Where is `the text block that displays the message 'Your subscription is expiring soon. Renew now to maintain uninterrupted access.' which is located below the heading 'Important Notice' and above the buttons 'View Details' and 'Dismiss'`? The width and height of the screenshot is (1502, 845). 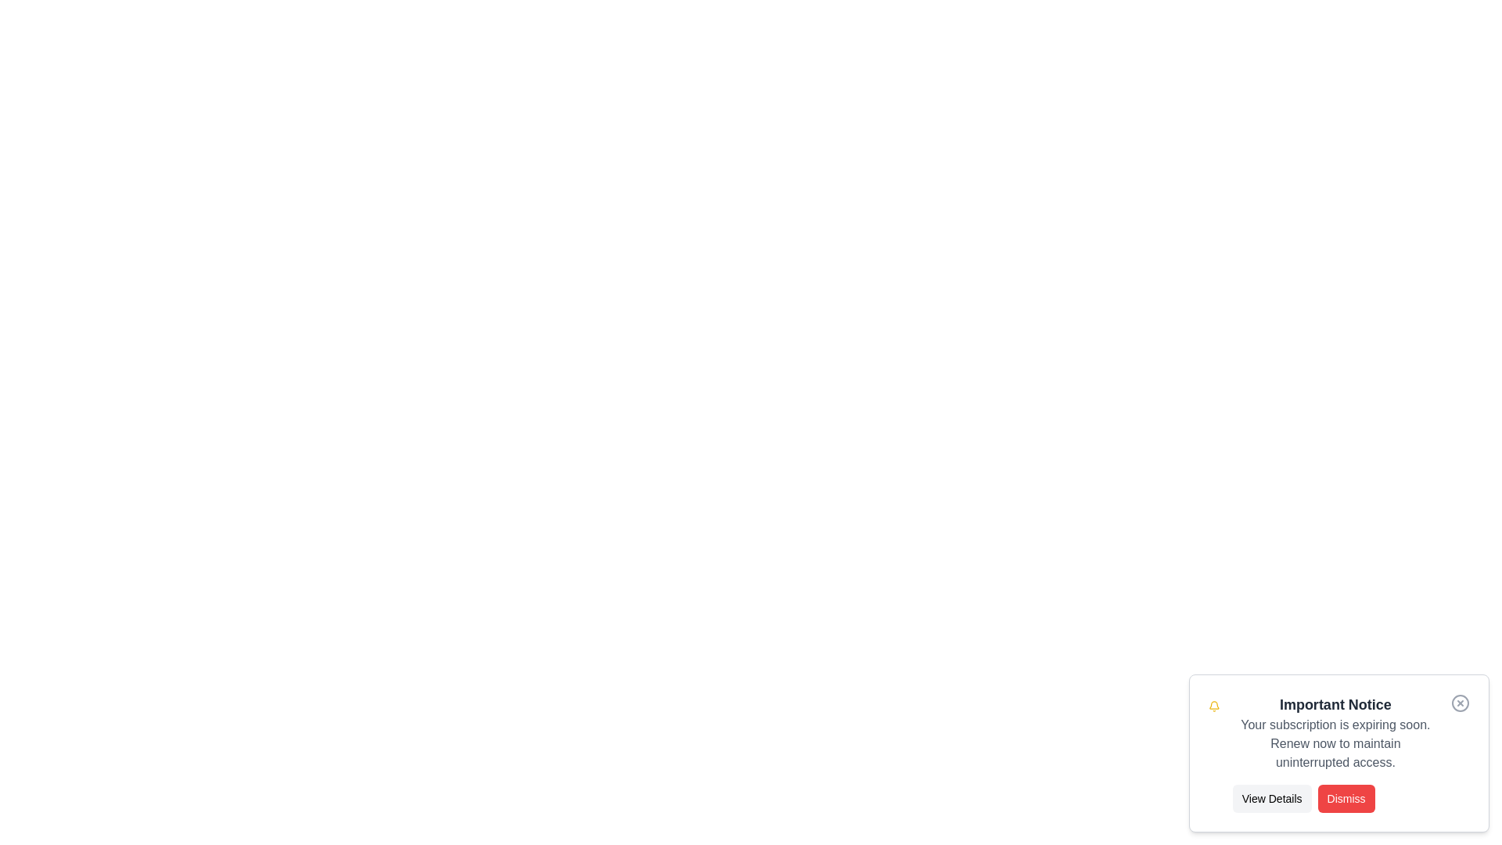
the text block that displays the message 'Your subscription is expiring soon. Renew now to maintain uninterrupted access.' which is located below the heading 'Important Notice' and above the buttons 'View Details' and 'Dismiss' is located at coordinates (1335, 743).